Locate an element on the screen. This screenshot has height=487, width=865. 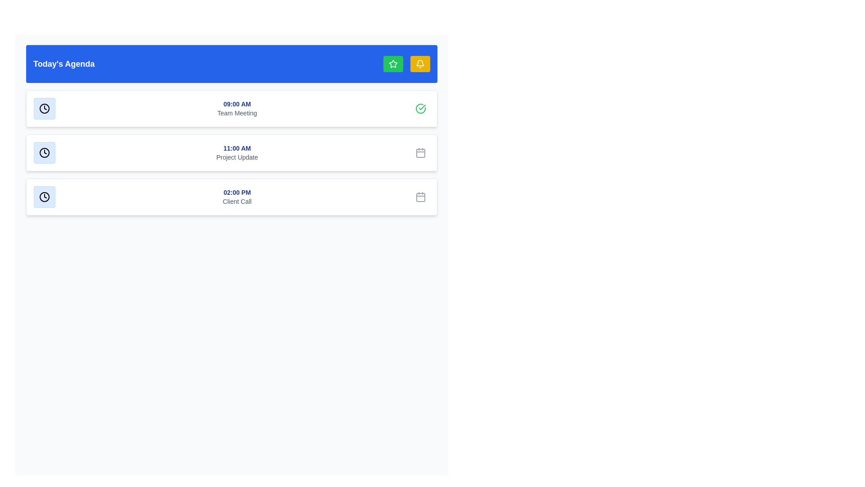
the completed agenda item icon for '09:00 AM Team Meeting' located at the top right corner of the first row in 'Today's Agenda' is located at coordinates (420, 108).